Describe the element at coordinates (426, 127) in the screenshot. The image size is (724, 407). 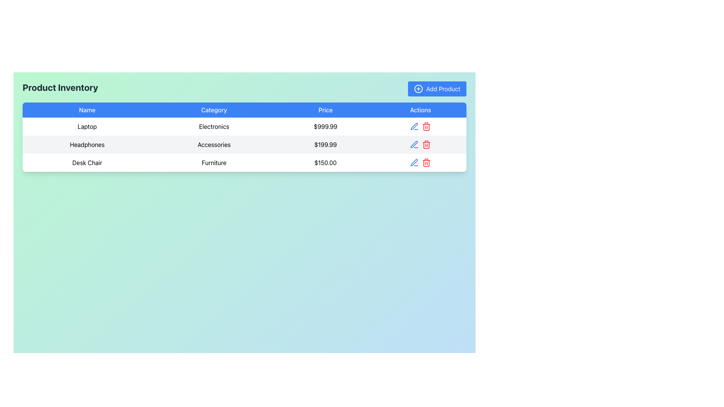
I see `the trash bin icon in the 'Actions' column of the table for the product 'Headphones'` at that location.